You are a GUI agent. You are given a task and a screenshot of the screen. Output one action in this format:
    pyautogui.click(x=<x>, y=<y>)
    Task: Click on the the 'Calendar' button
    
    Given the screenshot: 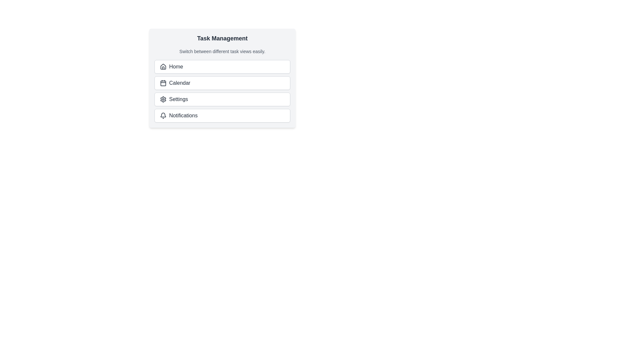 What is the action you would take?
    pyautogui.click(x=222, y=78)
    